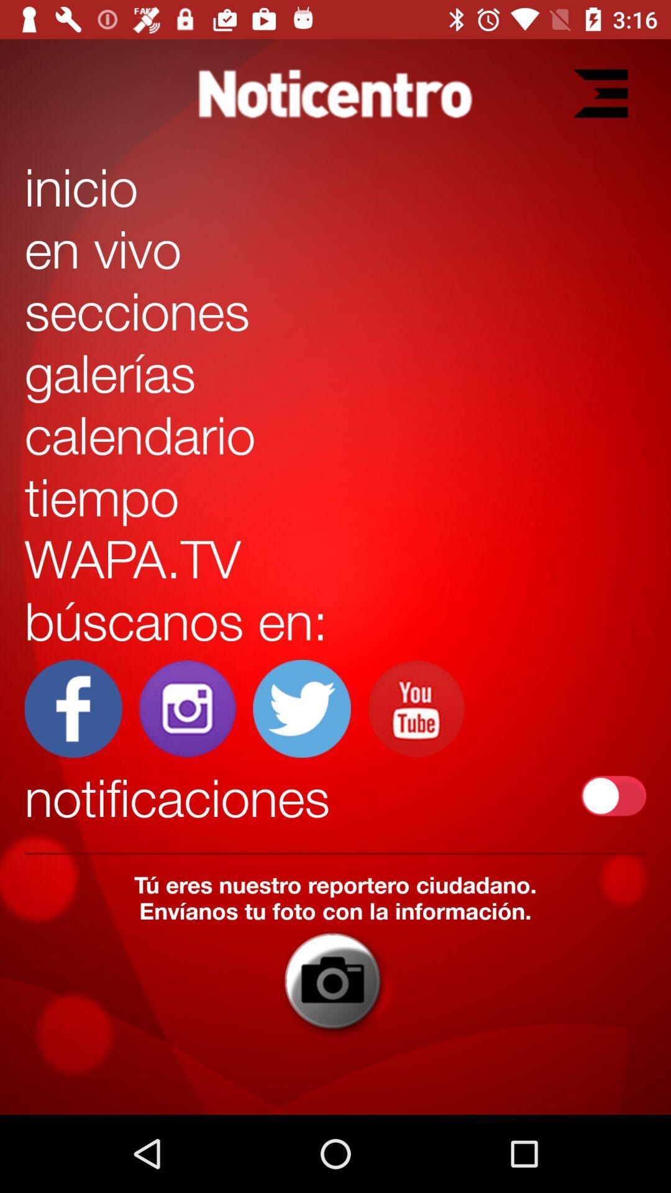  I want to click on visit youtube, so click(416, 708).